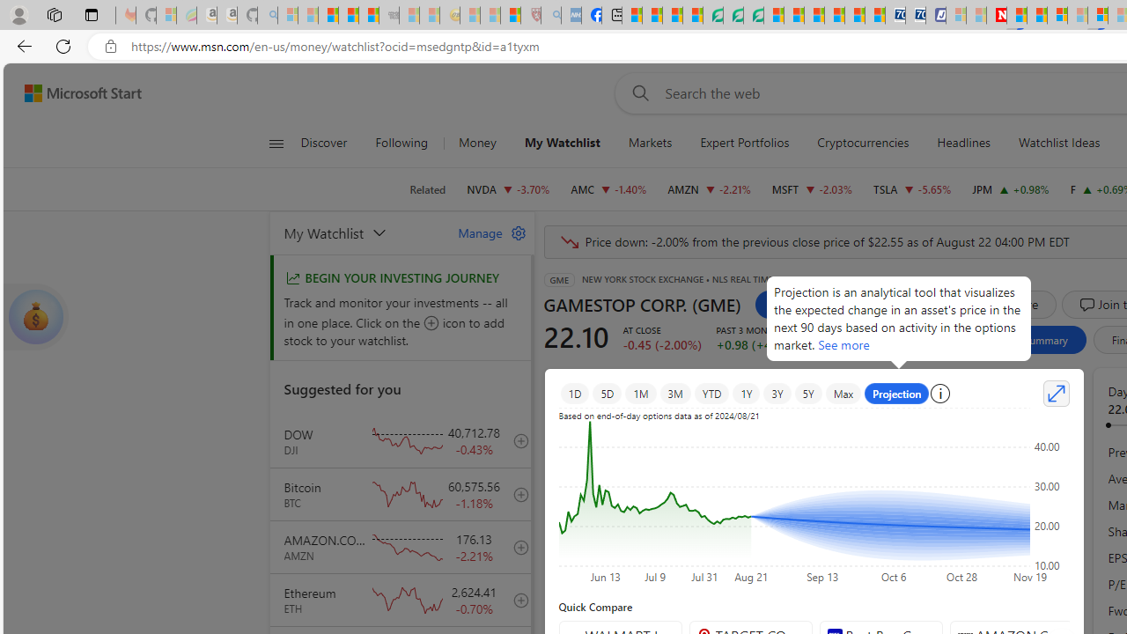 Image resolution: width=1127 pixels, height=634 pixels. I want to click on 'Class: recharts-surface', so click(813, 500).